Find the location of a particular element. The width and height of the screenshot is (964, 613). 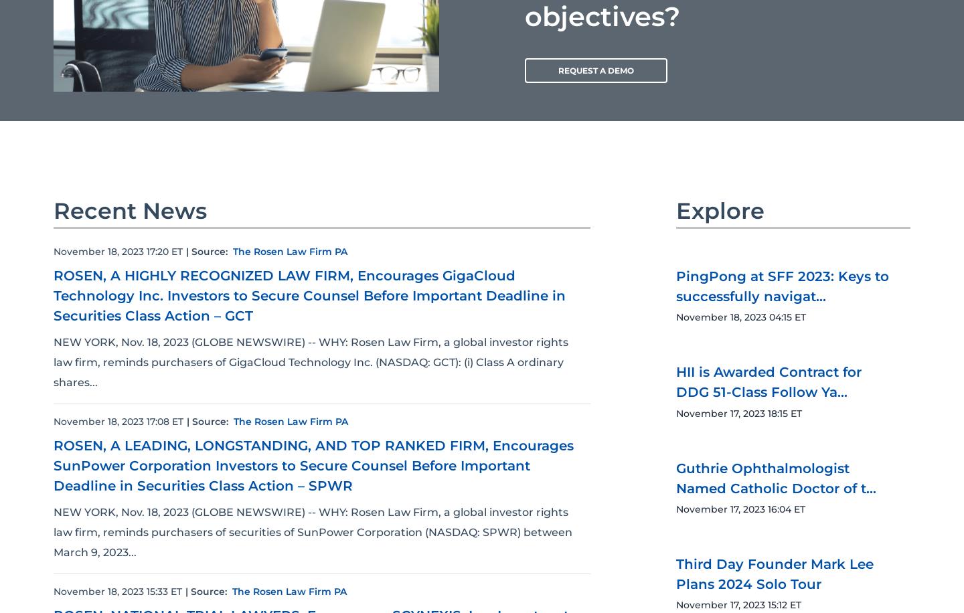

'November 18, 2023 15:33 ET' is located at coordinates (54, 590).